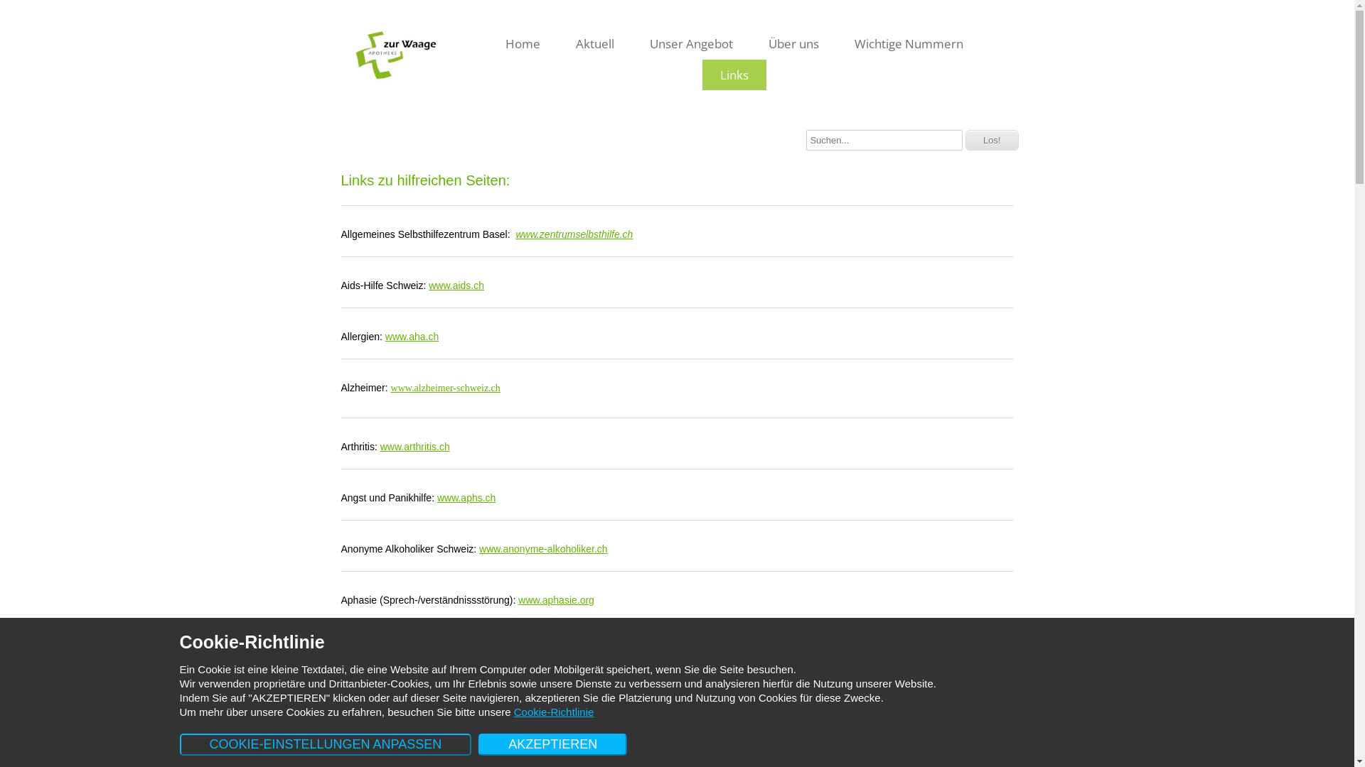 Image resolution: width=1365 pixels, height=767 pixels. I want to click on 'www.elpos.ch', so click(596, 701).